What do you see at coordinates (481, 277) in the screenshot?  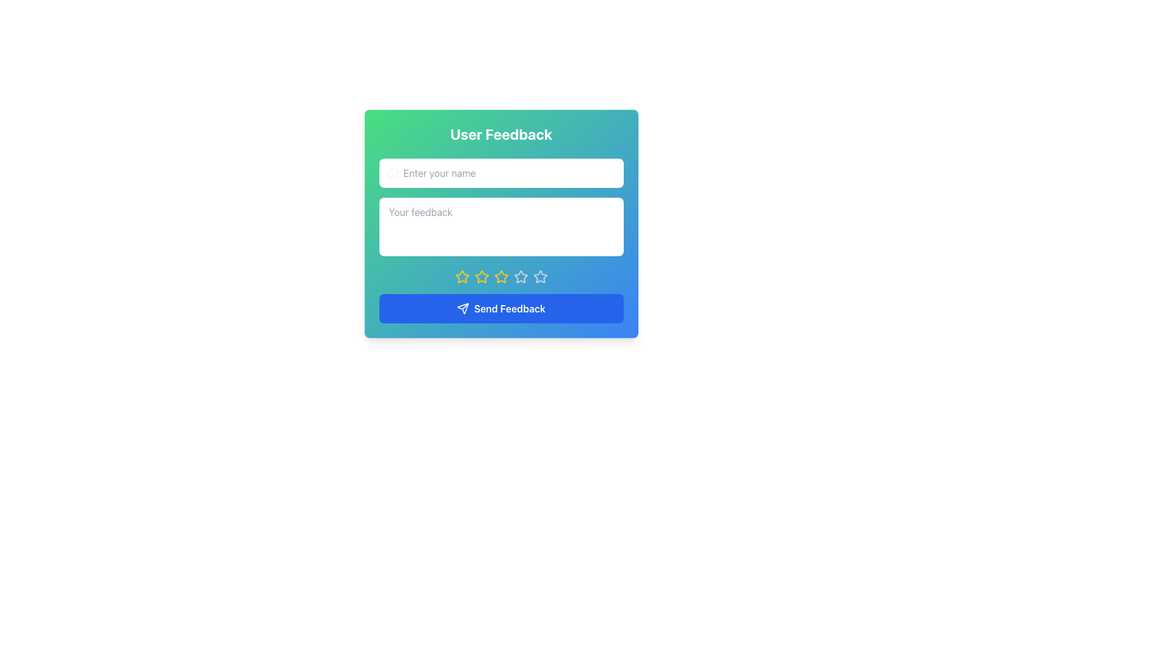 I see `the third yellow rating star icon to set a rating of 3 in the feedback form` at bounding box center [481, 277].